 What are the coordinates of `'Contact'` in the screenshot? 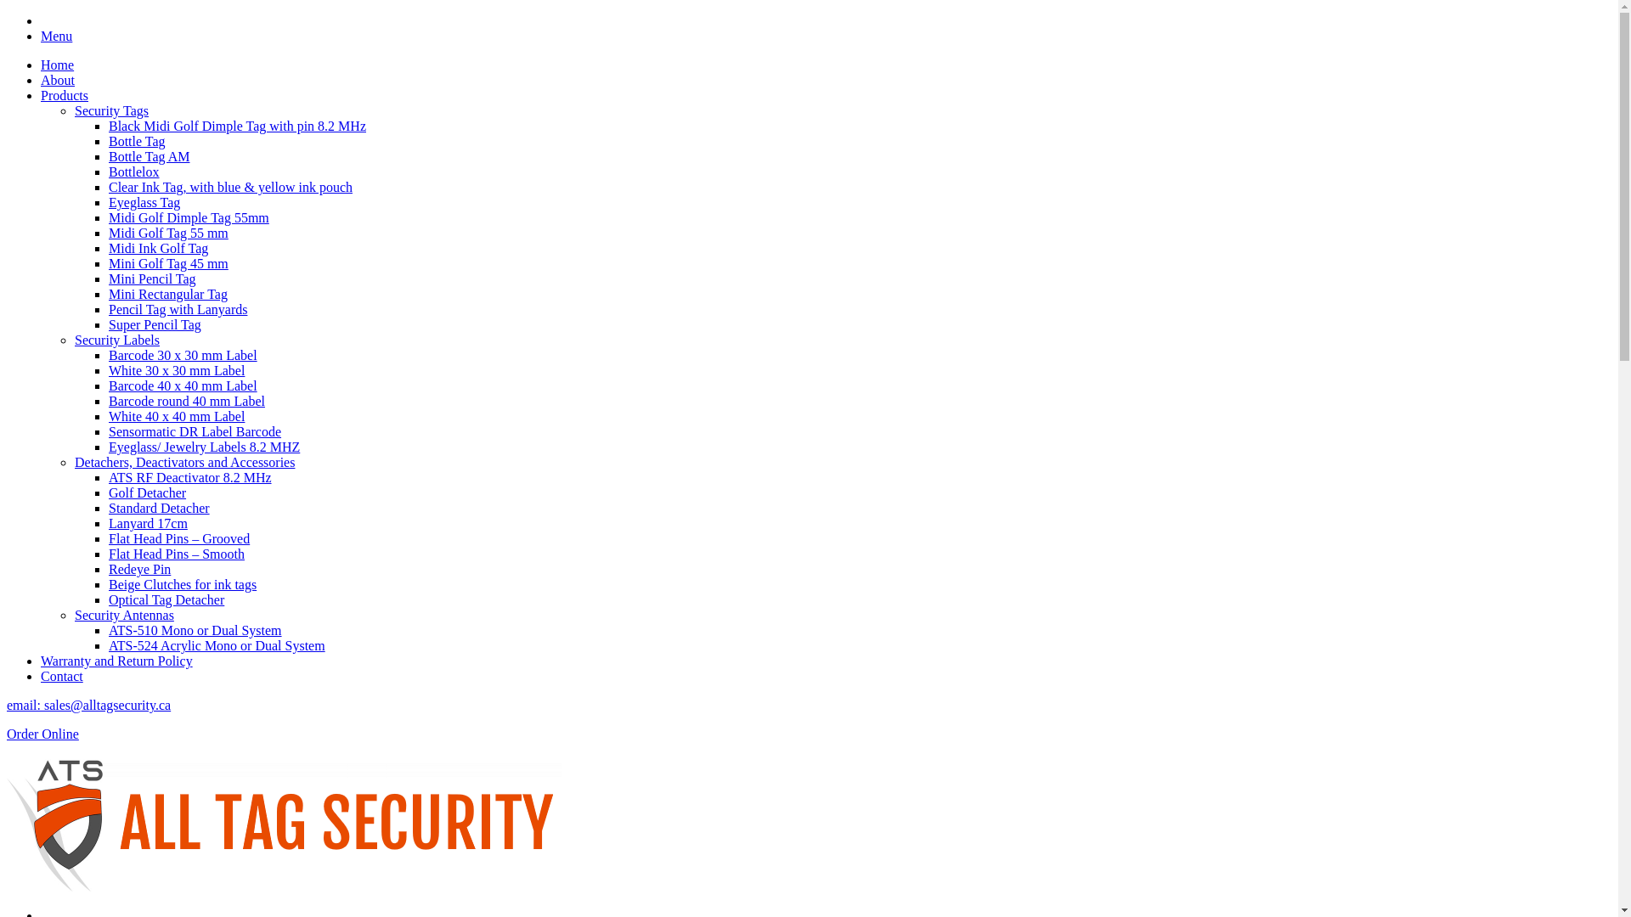 It's located at (61, 675).